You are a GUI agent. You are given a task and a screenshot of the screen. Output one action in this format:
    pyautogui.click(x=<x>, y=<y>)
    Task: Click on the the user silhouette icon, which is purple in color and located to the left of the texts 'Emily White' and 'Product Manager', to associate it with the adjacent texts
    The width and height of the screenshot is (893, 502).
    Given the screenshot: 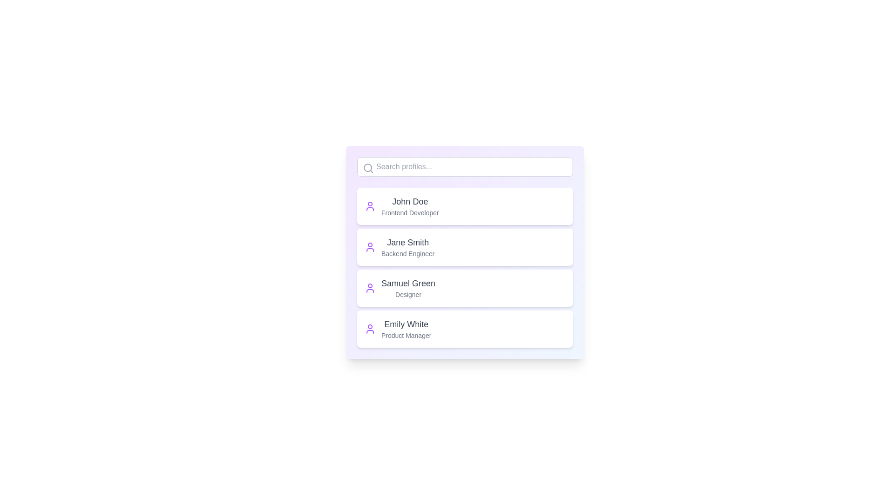 What is the action you would take?
    pyautogui.click(x=370, y=329)
    